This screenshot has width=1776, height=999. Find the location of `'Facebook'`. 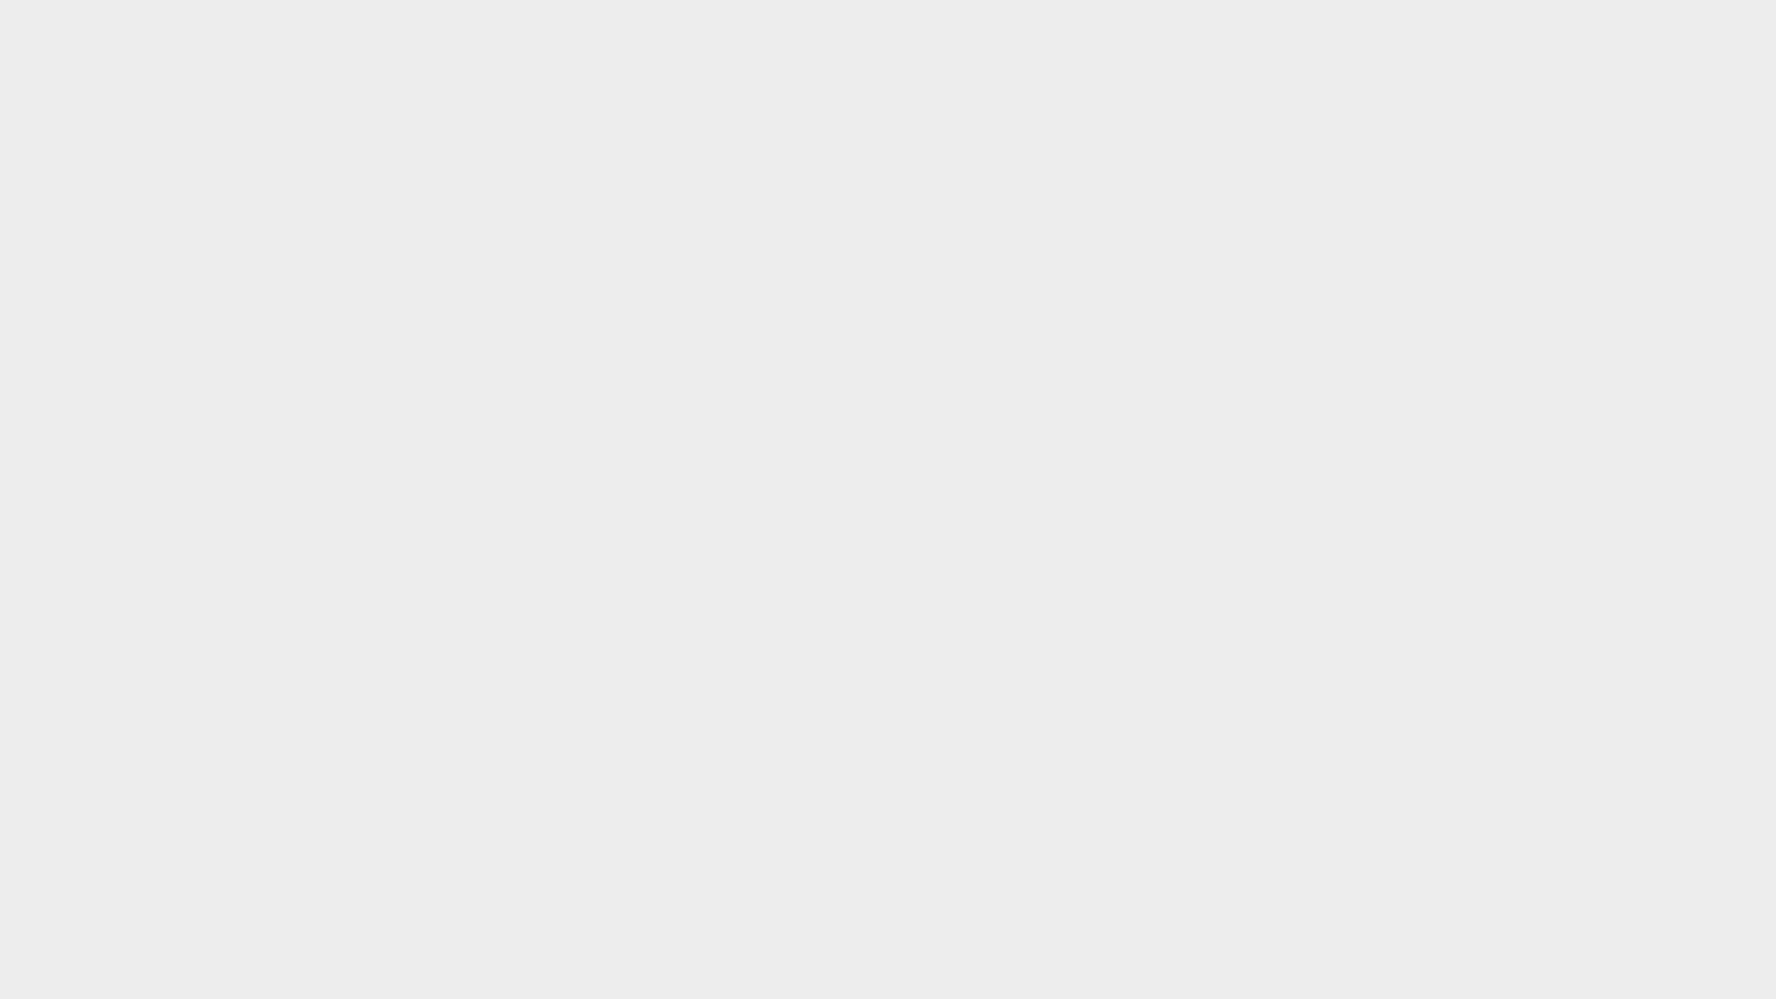

'Facebook' is located at coordinates (1359, 22).